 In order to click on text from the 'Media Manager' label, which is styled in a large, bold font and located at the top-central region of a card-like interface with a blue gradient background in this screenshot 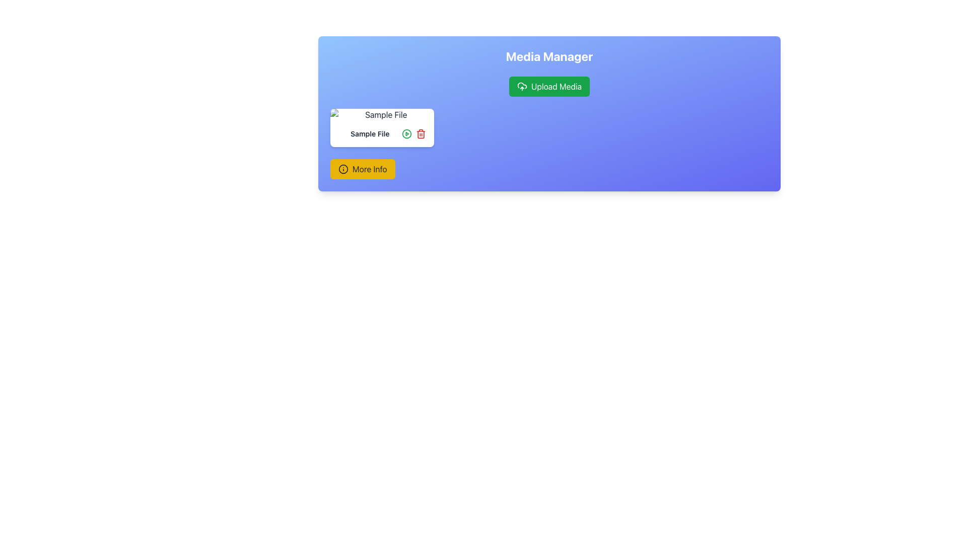, I will do `click(548, 56)`.